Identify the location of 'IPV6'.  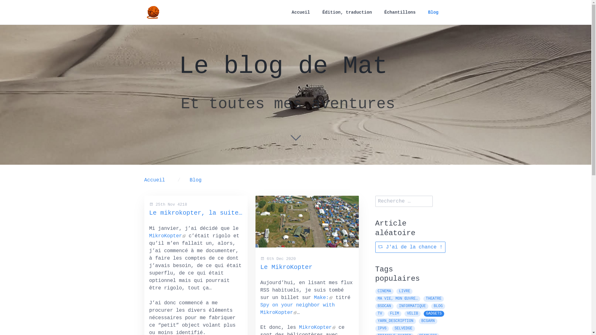
(382, 328).